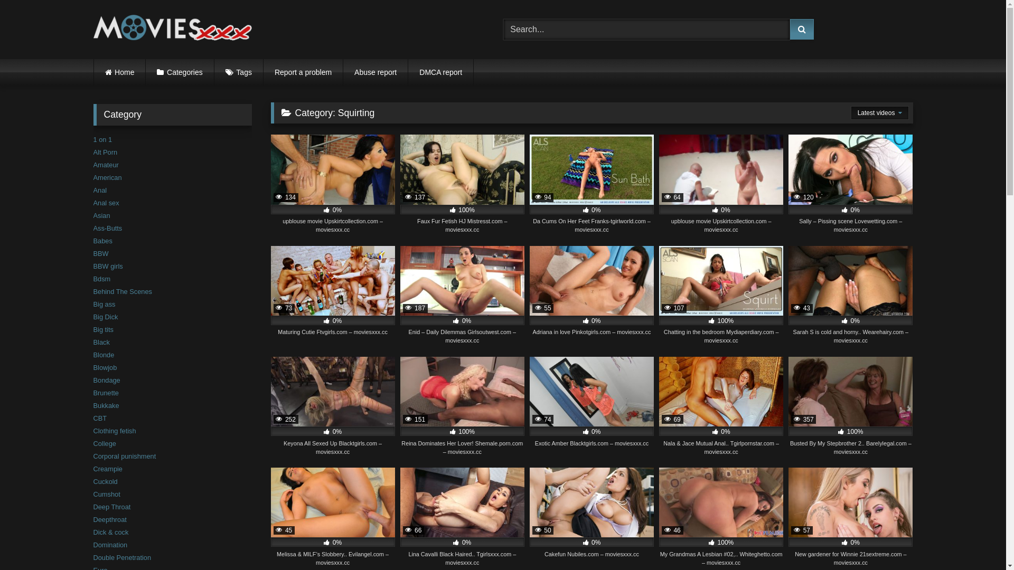 This screenshot has width=1014, height=570. I want to click on 'Alt Porn', so click(105, 152).